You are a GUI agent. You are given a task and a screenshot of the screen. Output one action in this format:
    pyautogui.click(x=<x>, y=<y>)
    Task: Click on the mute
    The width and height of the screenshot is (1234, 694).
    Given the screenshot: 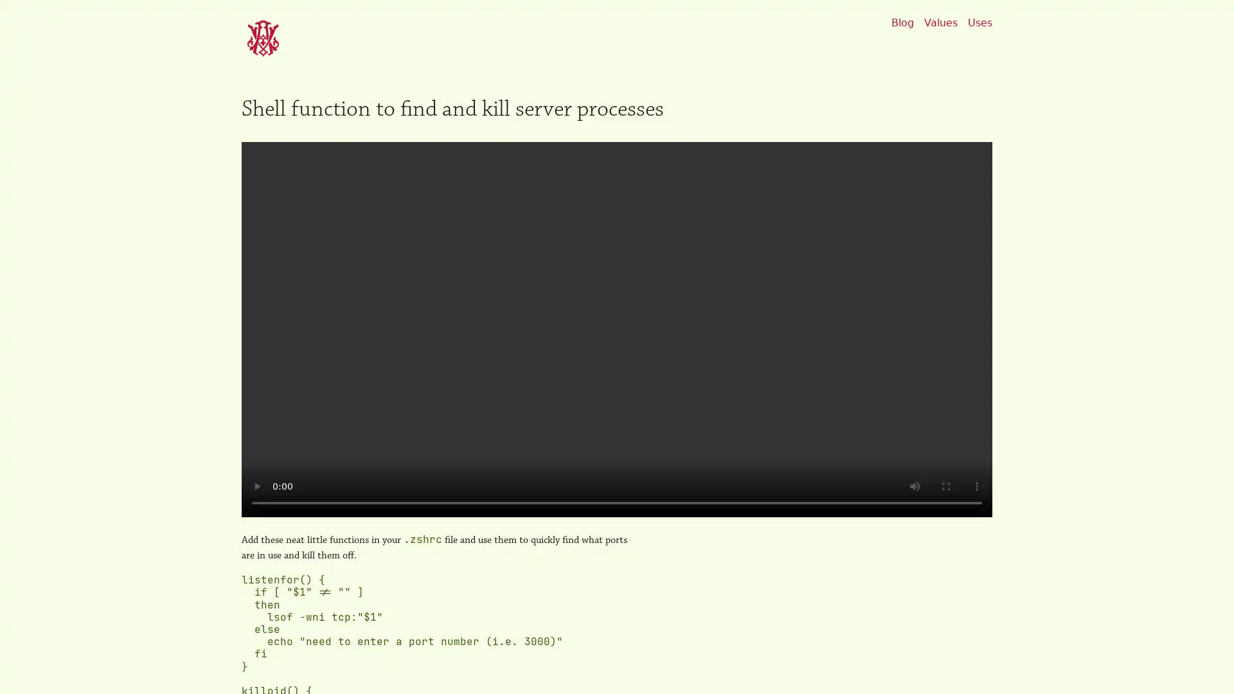 What is the action you would take?
    pyautogui.click(x=915, y=486)
    